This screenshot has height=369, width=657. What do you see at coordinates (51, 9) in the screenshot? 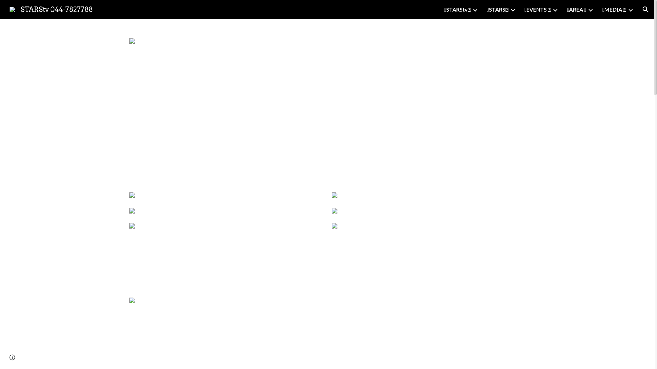
I see `'STARStv 044-7827788'` at bounding box center [51, 9].